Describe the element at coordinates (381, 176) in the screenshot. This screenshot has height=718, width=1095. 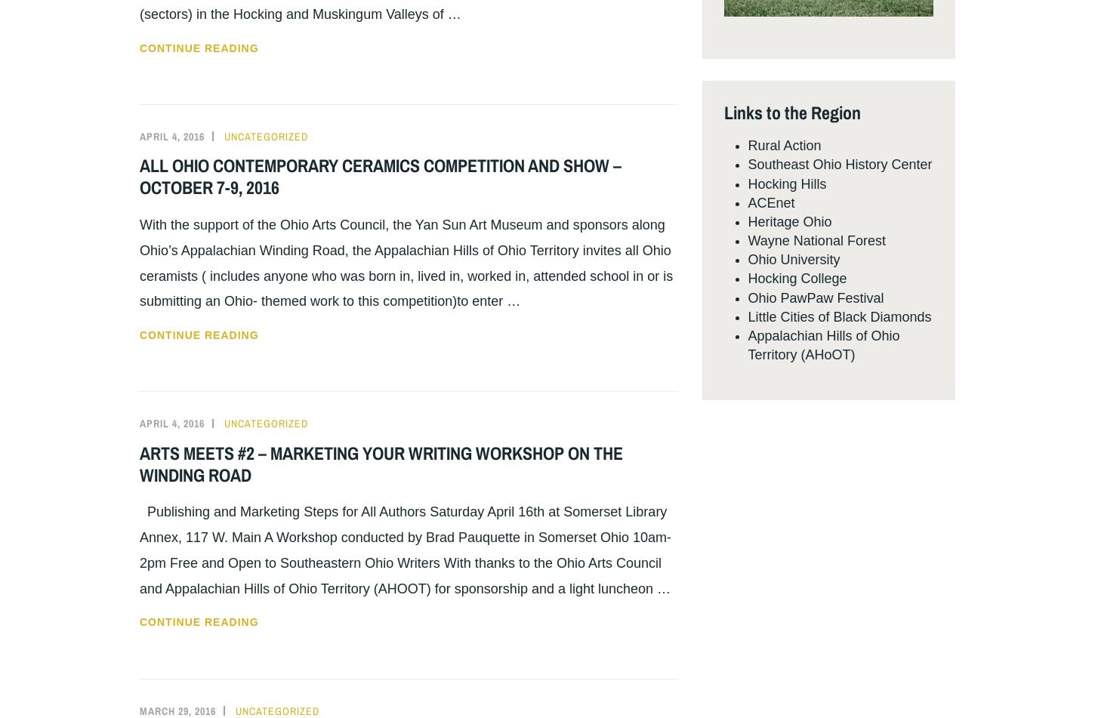
I see `'ALL OHIO CONTEMPORARY CERAMICS COMPETITION AND SHOW – OCTOBER 7-9, 2016'` at that location.